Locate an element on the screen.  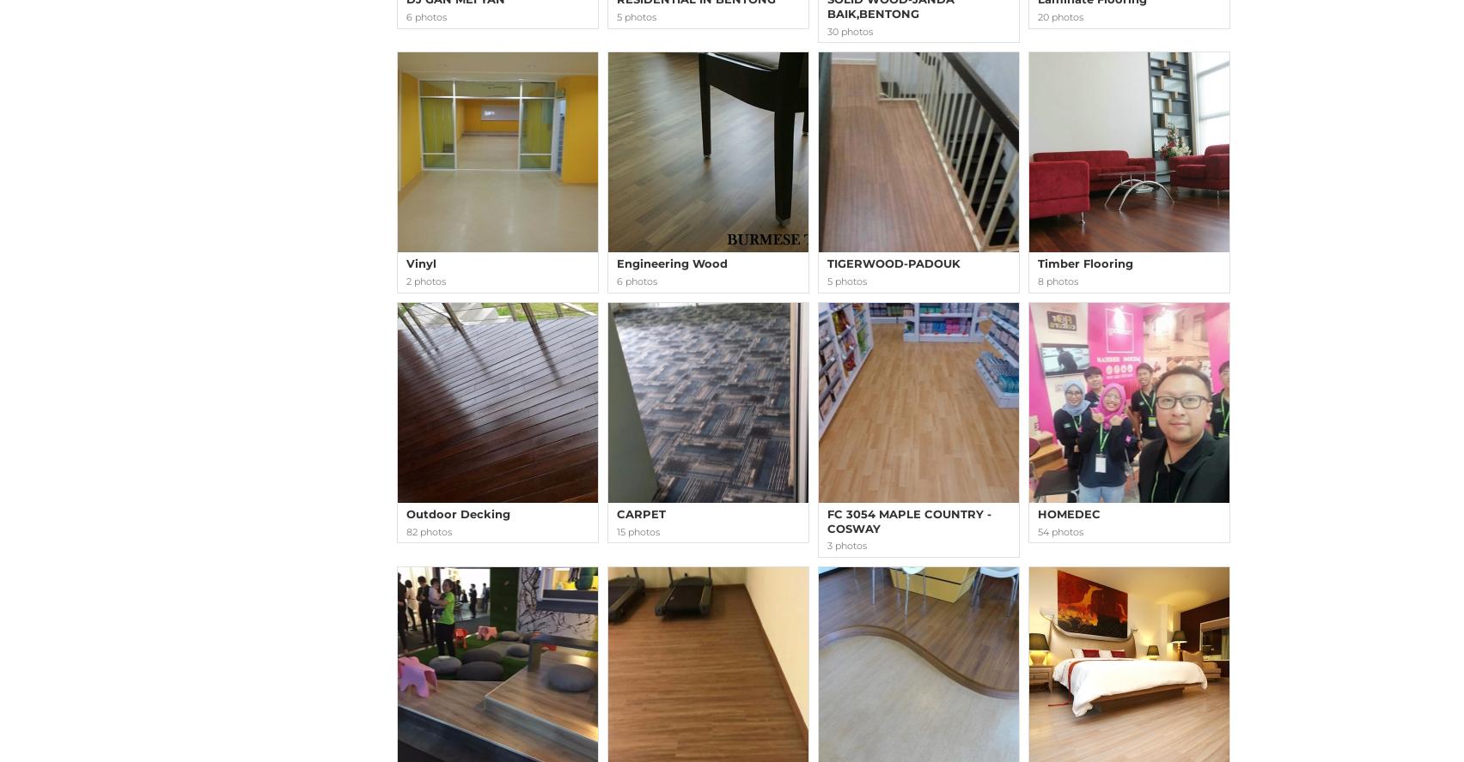
'82 photos' is located at coordinates (429, 530).